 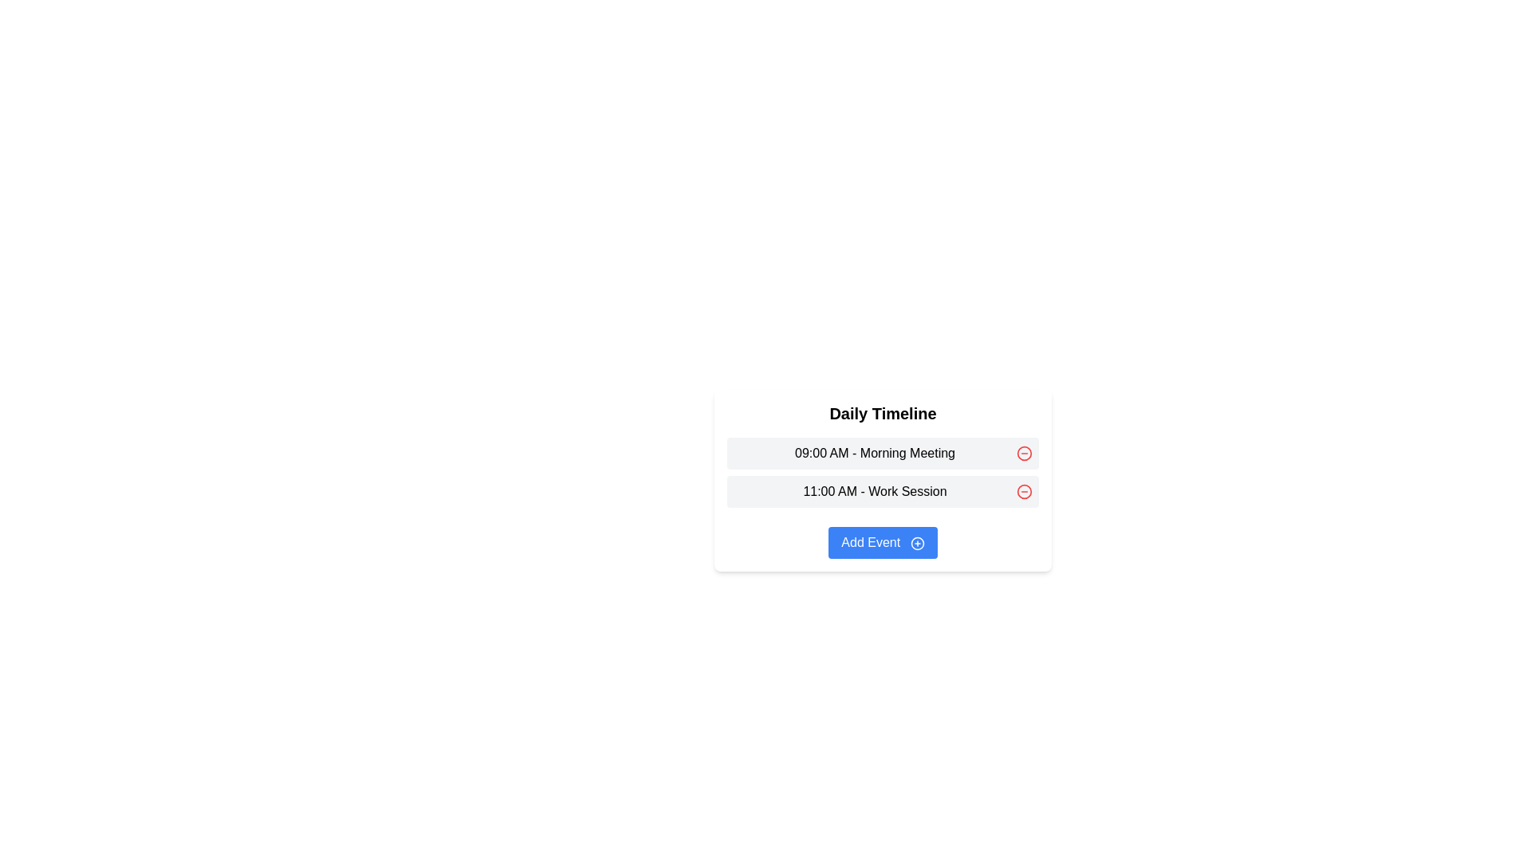 What do you see at coordinates (882, 491) in the screenshot?
I see `the event list item displaying '11:00 AM - Work Session'` at bounding box center [882, 491].